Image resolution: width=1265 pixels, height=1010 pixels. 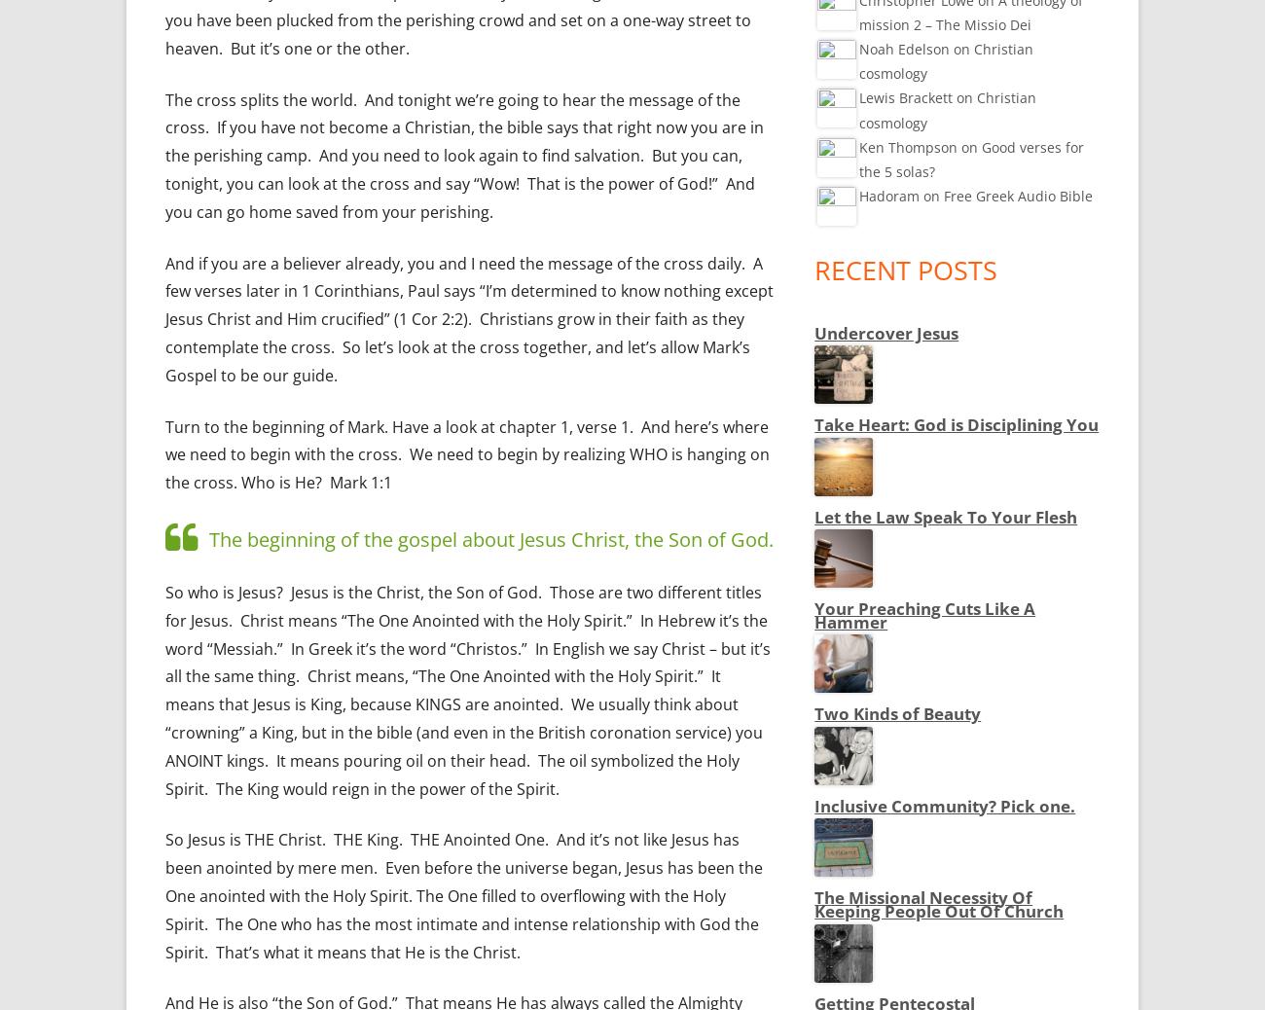 What do you see at coordinates (857, 195) in the screenshot?
I see `'Hadoram on'` at bounding box center [857, 195].